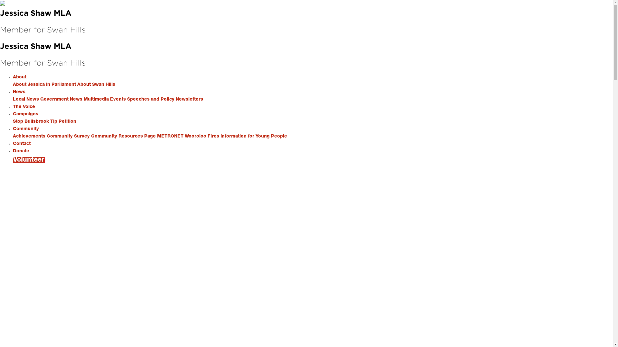 The height and width of the screenshot is (347, 618). What do you see at coordinates (26, 129) in the screenshot?
I see `'Community'` at bounding box center [26, 129].